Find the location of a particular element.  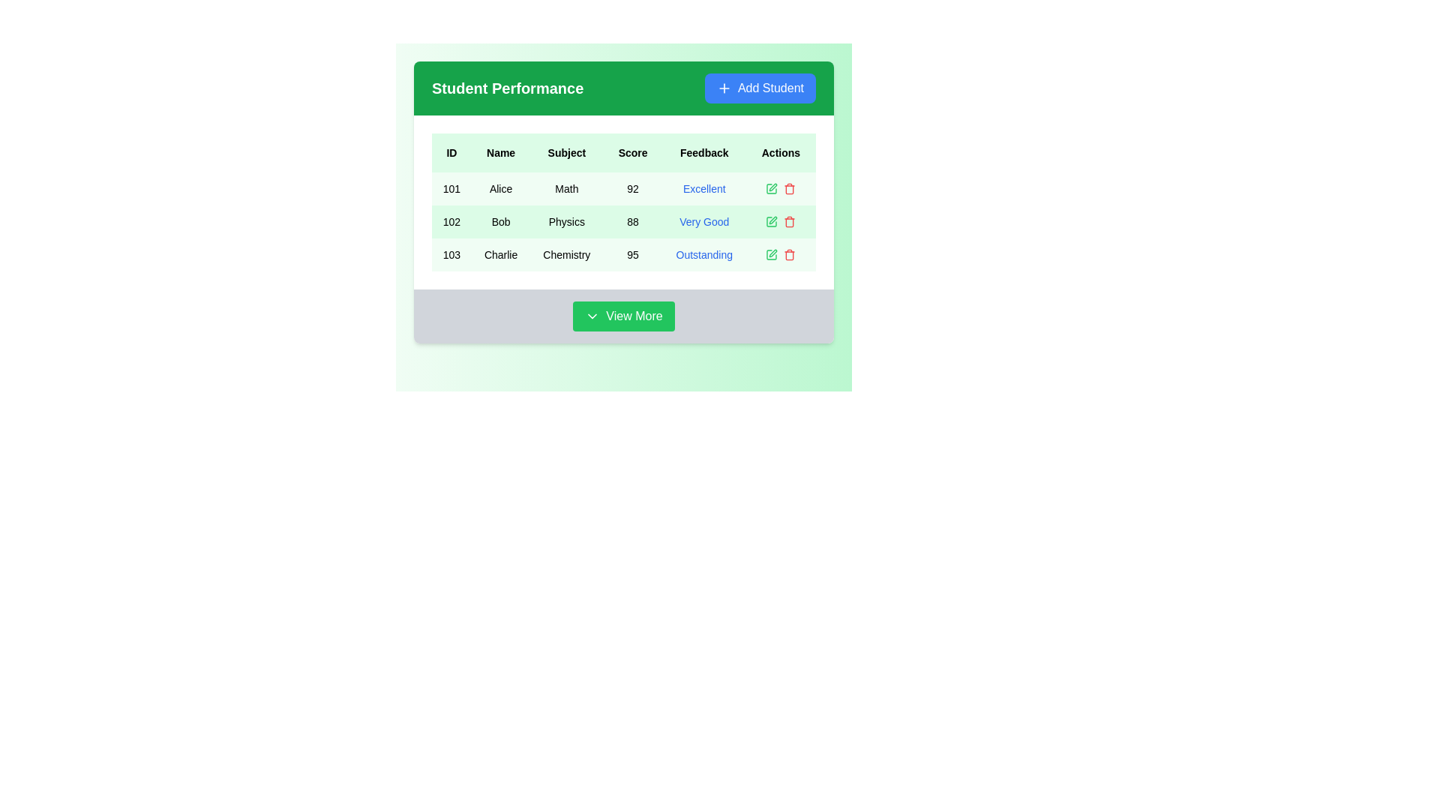

the text 'Charlie' in the second cell of the third row under the 'Name' header by dragging from the center point of the cell is located at coordinates (501, 253).